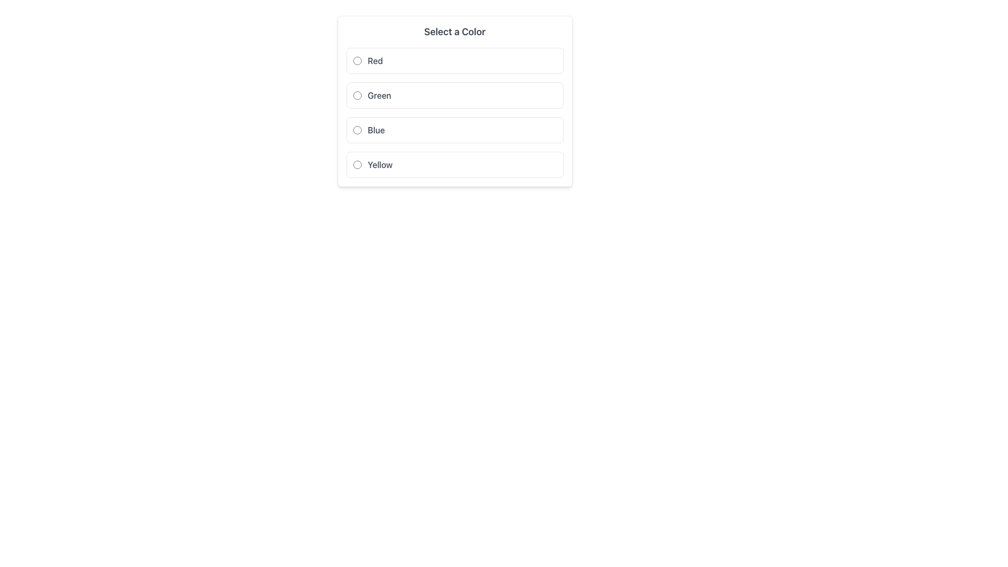  I want to click on the radio button, so click(455, 164).